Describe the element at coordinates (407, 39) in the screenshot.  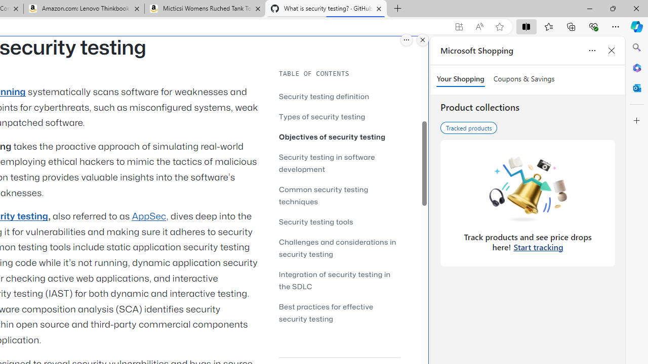
I see `'More options.'` at that location.